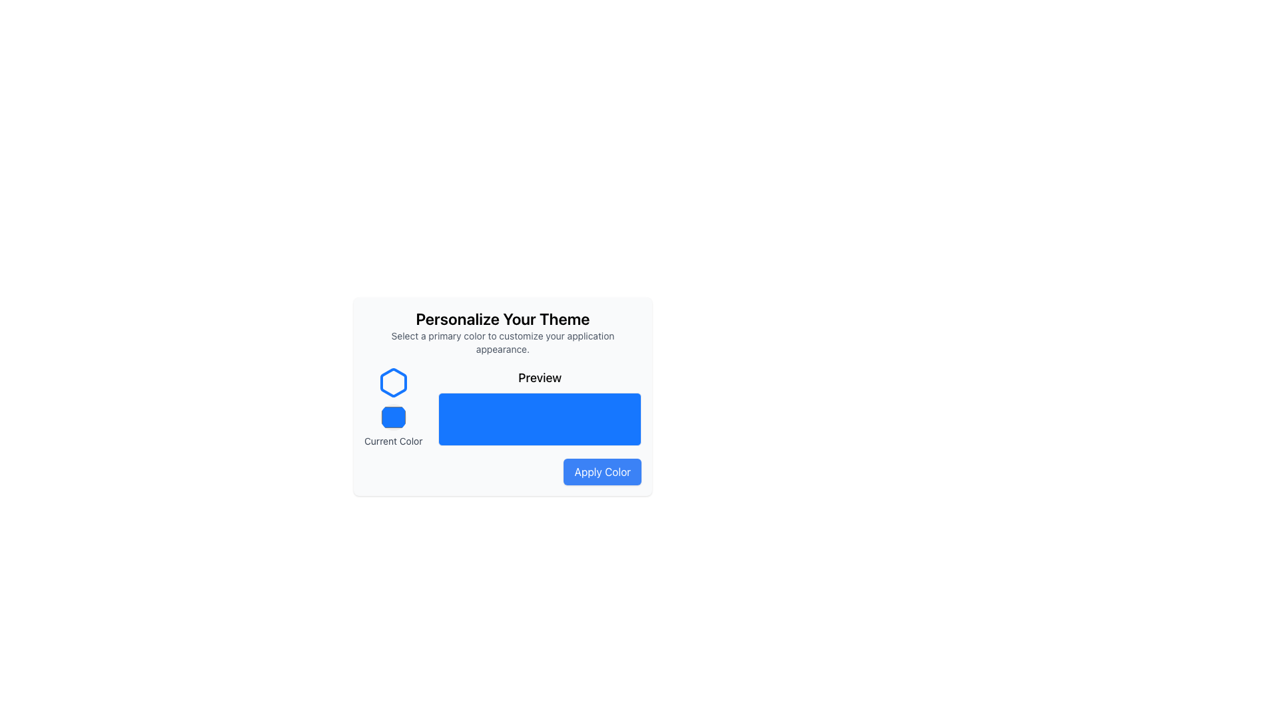  What do you see at coordinates (502, 396) in the screenshot?
I see `the Display box with a blue background and rounded corners, located below the 'Preview' text in the 'Personalize Your Theme' panel` at bounding box center [502, 396].